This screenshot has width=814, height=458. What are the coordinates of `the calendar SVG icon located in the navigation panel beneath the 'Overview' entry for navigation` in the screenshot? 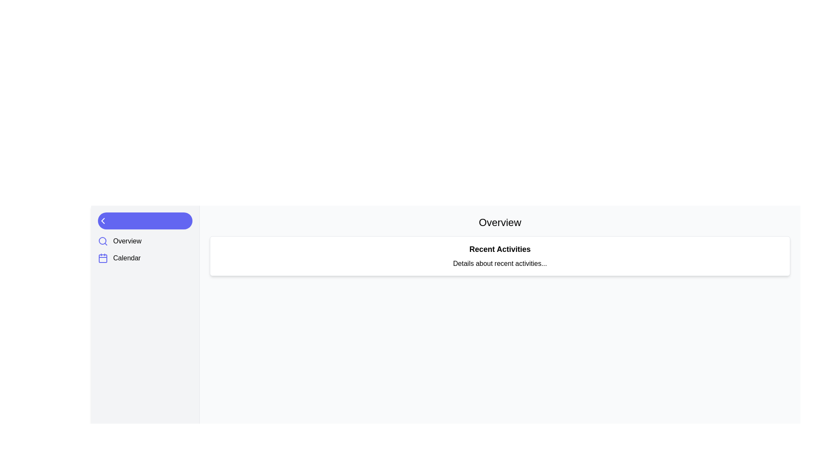 It's located at (103, 258).